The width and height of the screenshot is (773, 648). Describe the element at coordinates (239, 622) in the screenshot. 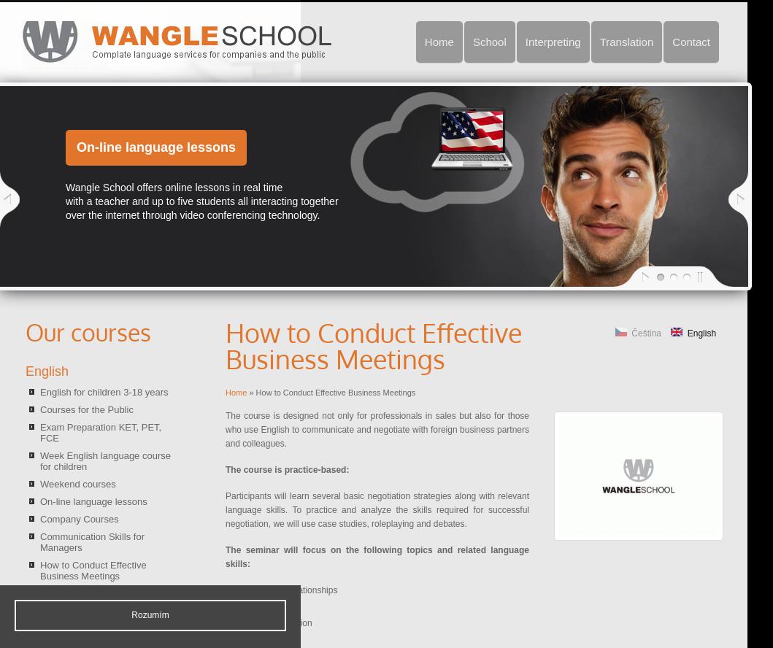

I see `'initial conversation'` at that location.